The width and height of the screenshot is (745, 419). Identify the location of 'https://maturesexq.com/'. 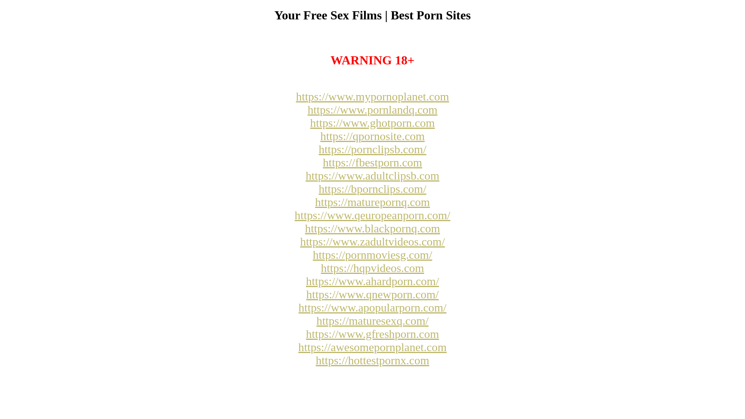
(372, 320).